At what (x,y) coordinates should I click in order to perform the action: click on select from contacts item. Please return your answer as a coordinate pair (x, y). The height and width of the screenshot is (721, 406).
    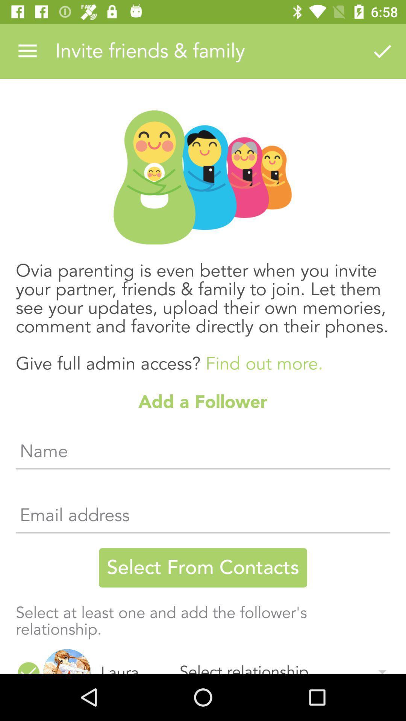
    Looking at the image, I should click on (203, 568).